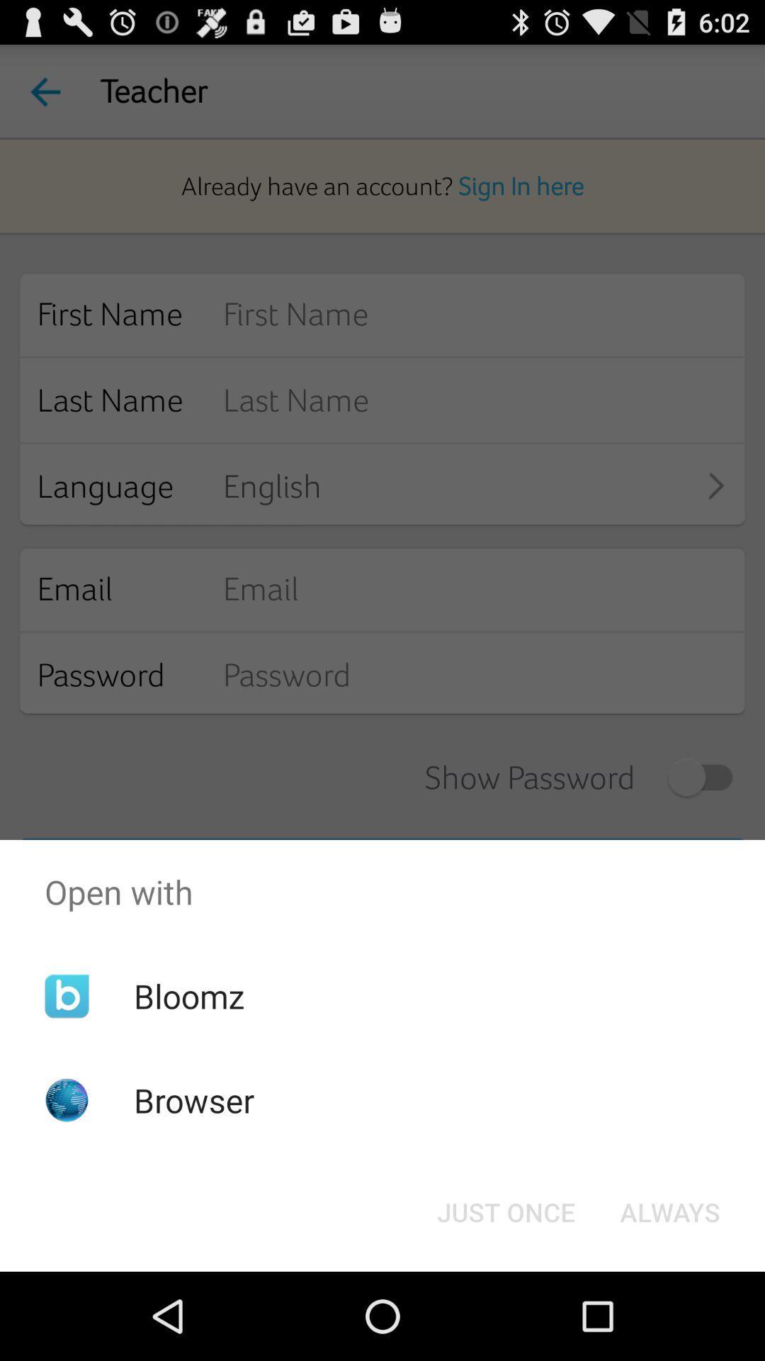  What do you see at coordinates (505, 1211) in the screenshot?
I see `button to the left of always item` at bounding box center [505, 1211].